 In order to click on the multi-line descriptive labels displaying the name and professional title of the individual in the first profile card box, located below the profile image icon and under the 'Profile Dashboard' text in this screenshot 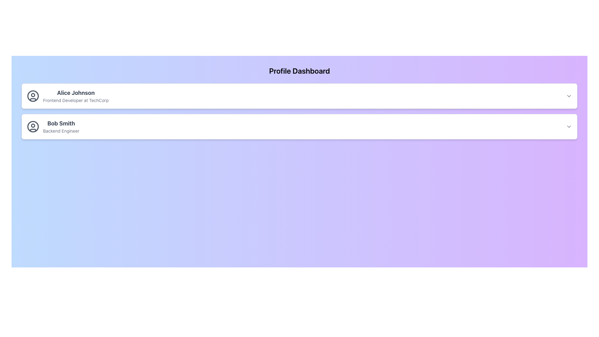, I will do `click(75, 96)`.